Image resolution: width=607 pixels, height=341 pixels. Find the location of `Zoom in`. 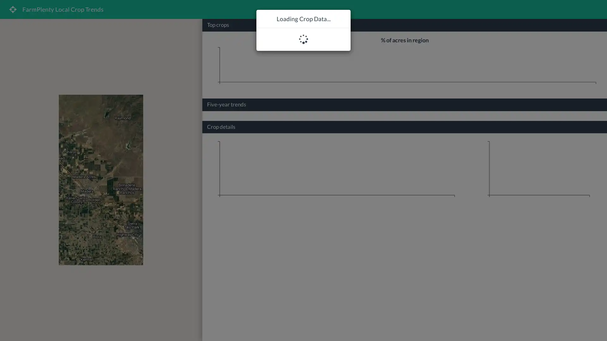

Zoom in is located at coordinates (192, 314).